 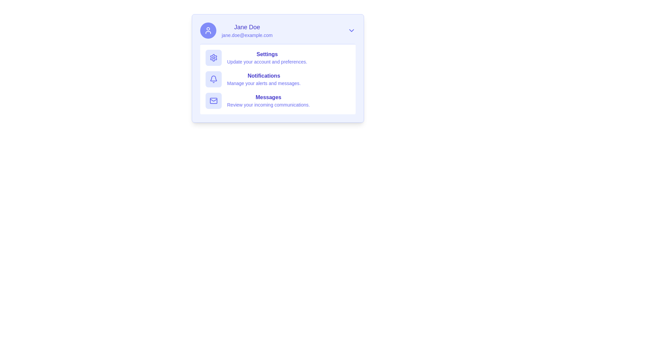 I want to click on the indigo bell-shaped icon located next to the 'Notifications' text to interact with the associated notifications feature, so click(x=213, y=79).